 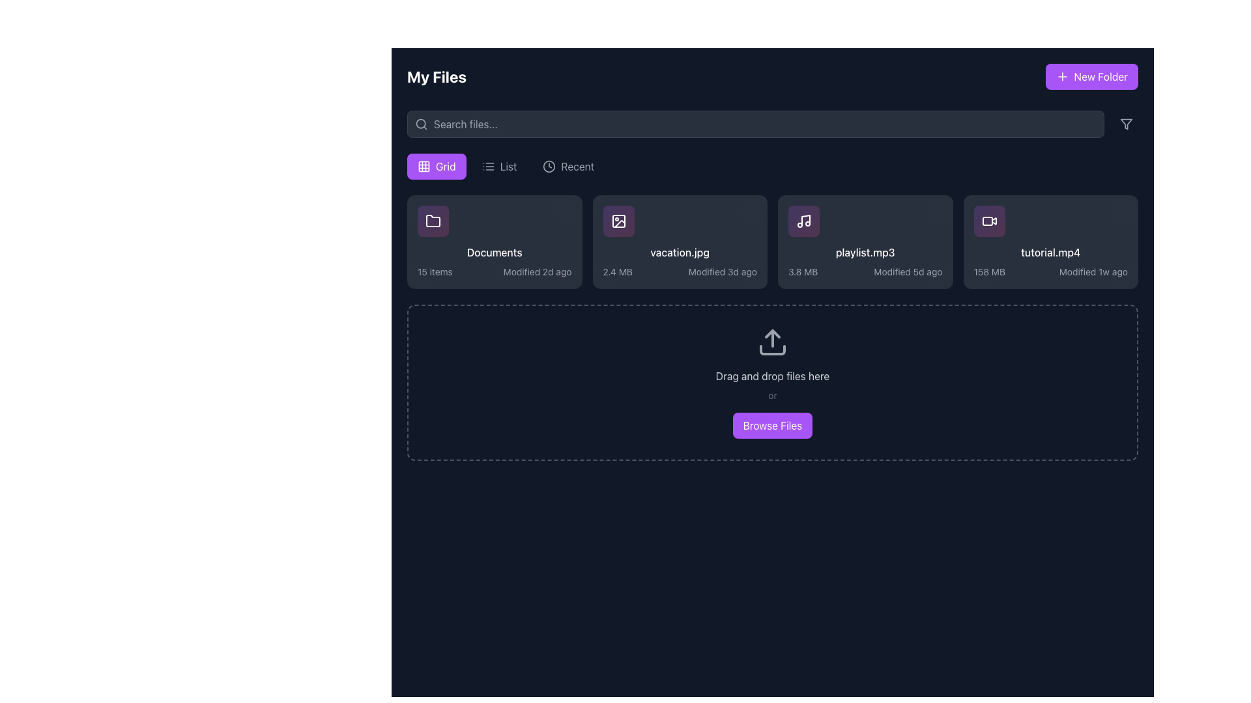 I want to click on the upload icon, which is a gray line-drawn arrow pointing upwards into a semi-circular shape, located above the text 'Drag and drop files here' and below the grid of file icons, so click(x=772, y=341).